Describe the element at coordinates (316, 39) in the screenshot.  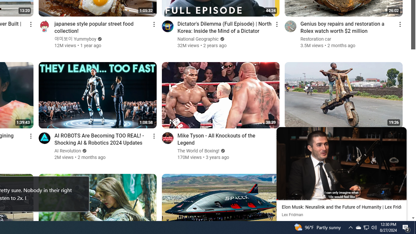
I see `'Restoration car'` at that location.